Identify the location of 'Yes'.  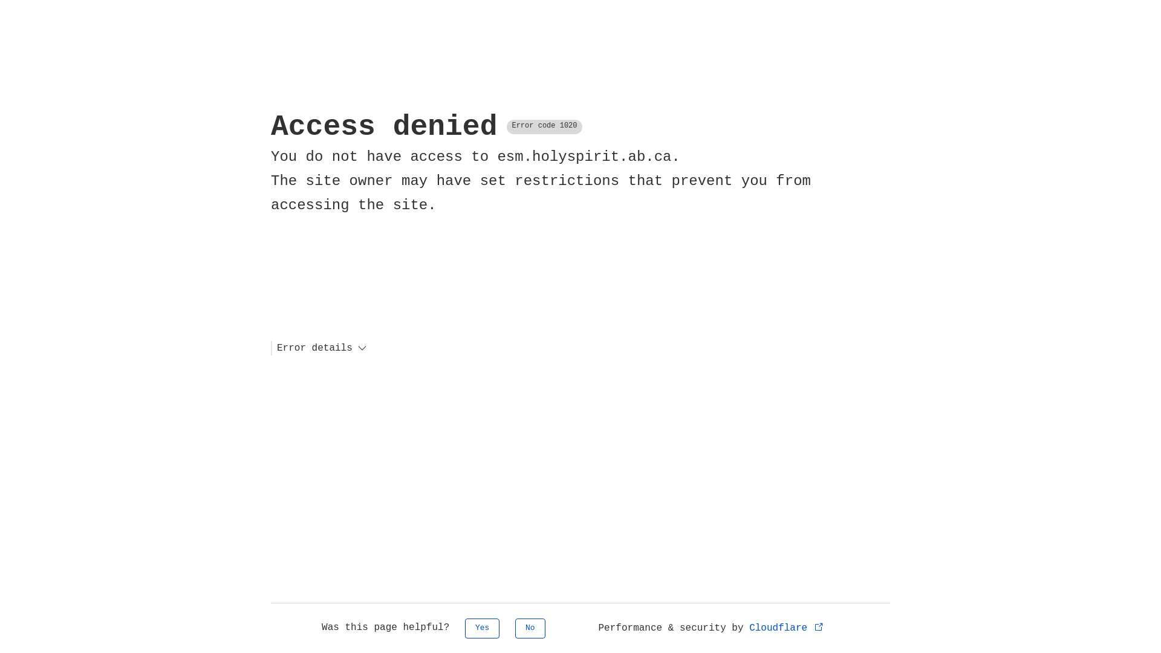
(481, 628).